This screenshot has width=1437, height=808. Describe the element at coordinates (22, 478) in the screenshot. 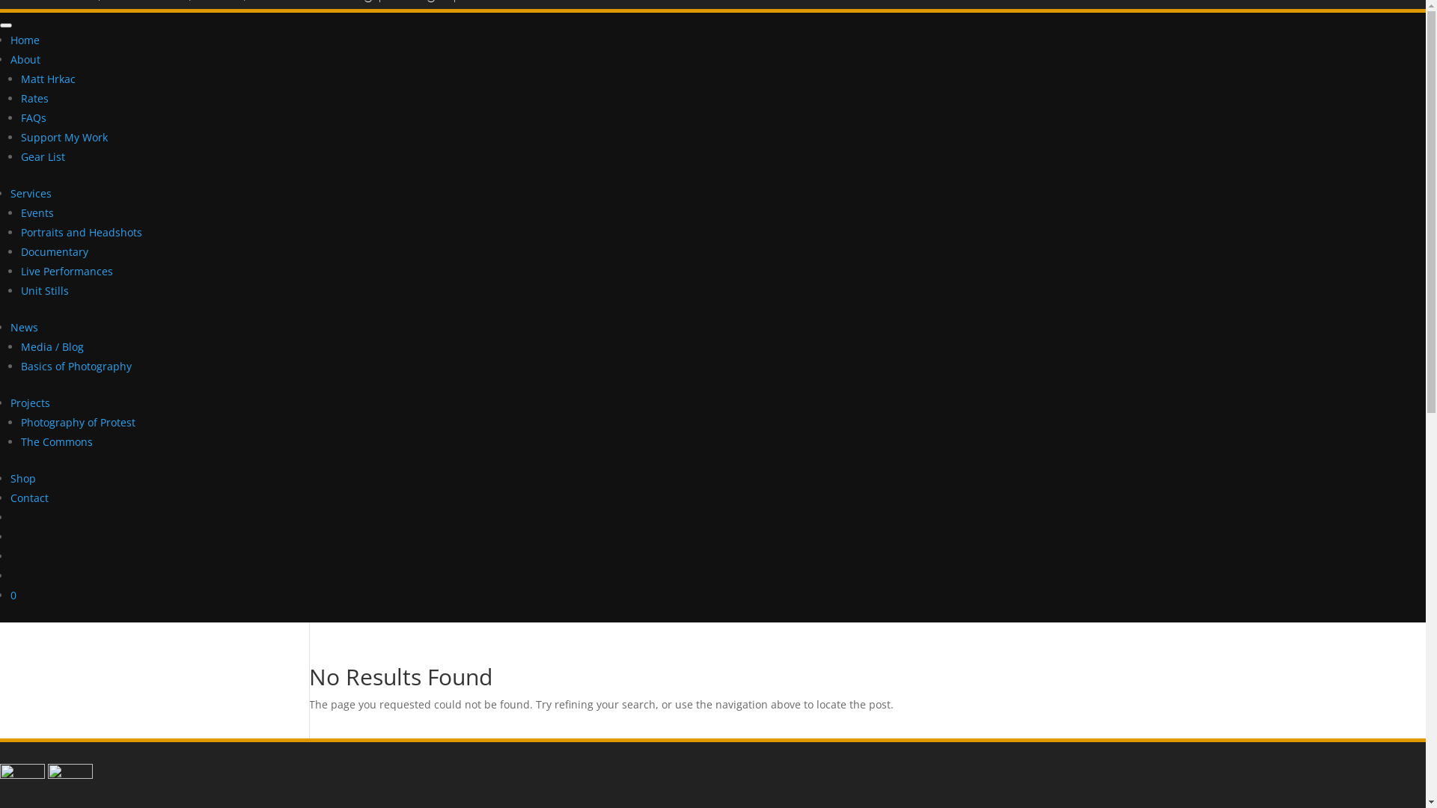

I see `'Shop'` at that location.